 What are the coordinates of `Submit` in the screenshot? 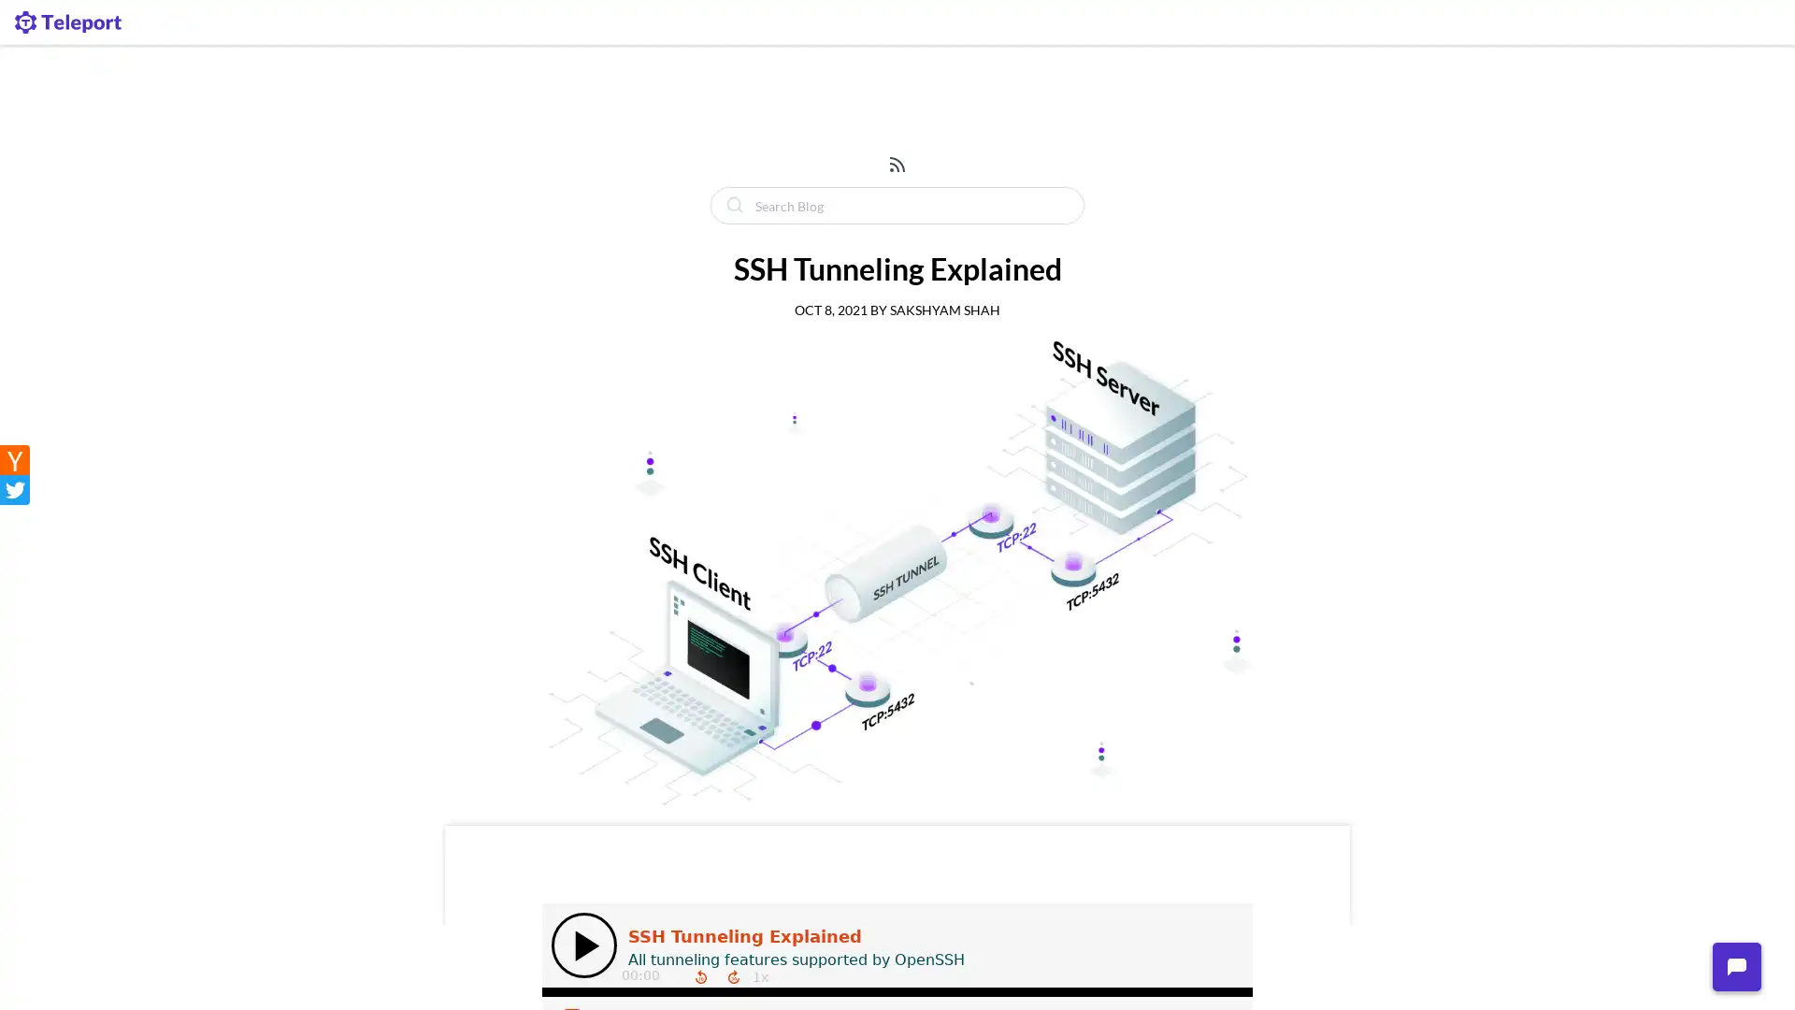 It's located at (732, 205).